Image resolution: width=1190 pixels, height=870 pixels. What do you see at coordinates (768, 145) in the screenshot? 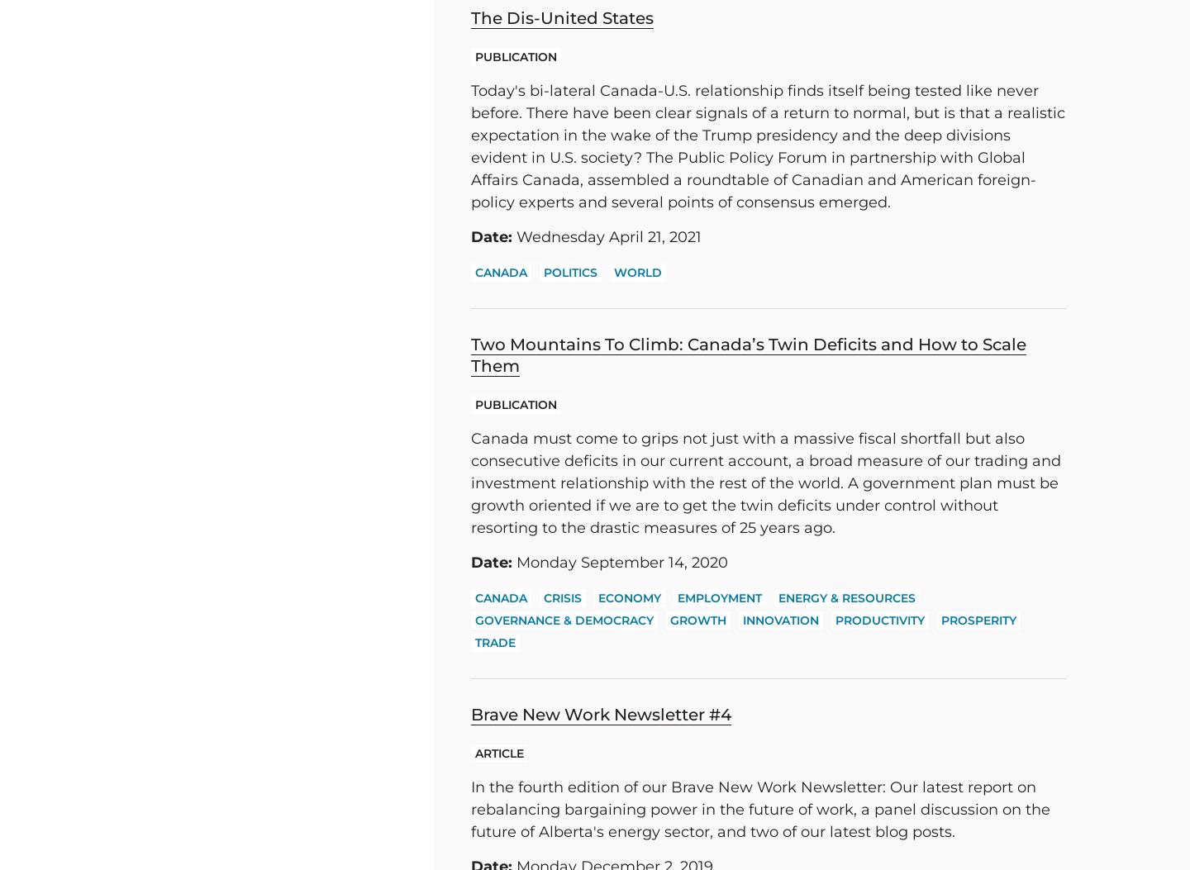
I see `'Today's bi-lateral Canada-U.S. relationship finds itself being tested like never before. There have been clear signals of a return to normal, but is that a realistic expectation in the wake of the Trump presidency and the deep divisions evident in U.S. society? The Public Policy Forum in partnership with Global Affairs Canada, assembled a roundtable of Canadian and American foreign-policy experts and several points of consensus emerged.'` at bounding box center [768, 145].